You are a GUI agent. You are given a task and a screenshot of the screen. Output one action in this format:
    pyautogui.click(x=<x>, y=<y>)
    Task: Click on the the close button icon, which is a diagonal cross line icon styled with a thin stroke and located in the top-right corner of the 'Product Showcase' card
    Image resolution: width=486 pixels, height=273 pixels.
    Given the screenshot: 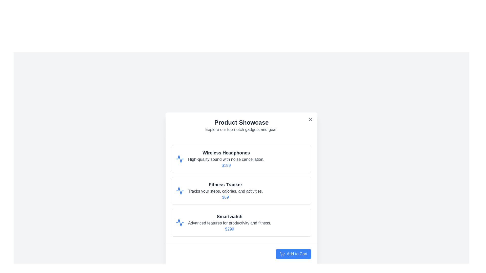 What is the action you would take?
    pyautogui.click(x=310, y=120)
    